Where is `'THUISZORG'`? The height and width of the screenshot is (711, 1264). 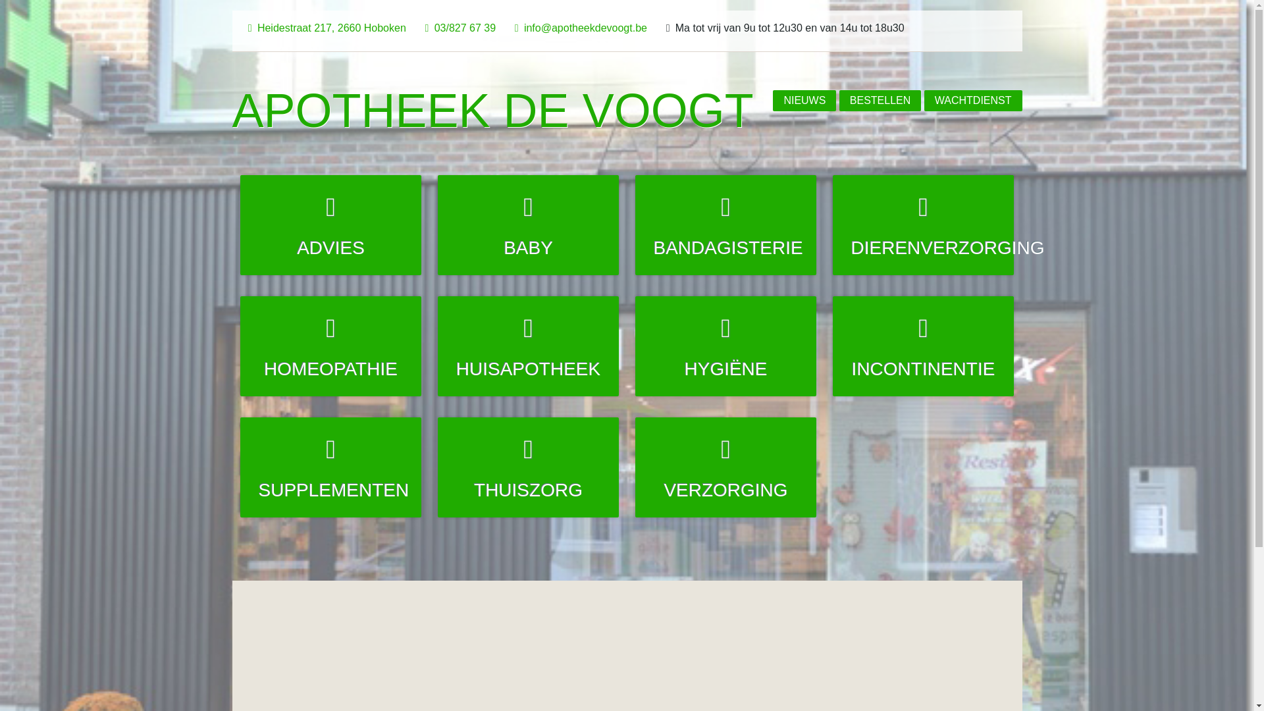 'THUISZORG' is located at coordinates (528, 466).